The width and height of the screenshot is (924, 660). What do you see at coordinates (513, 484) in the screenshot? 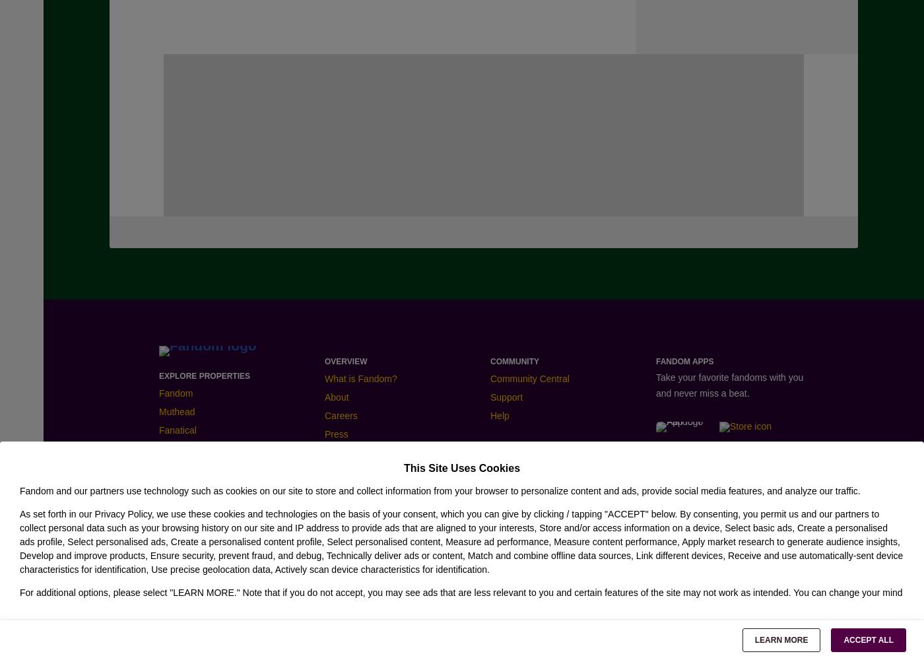
I see `'Advertise'` at bounding box center [513, 484].